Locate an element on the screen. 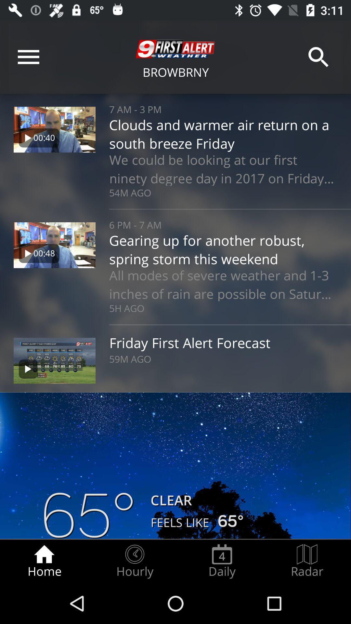  the item next to daily radio button is located at coordinates (134, 561).